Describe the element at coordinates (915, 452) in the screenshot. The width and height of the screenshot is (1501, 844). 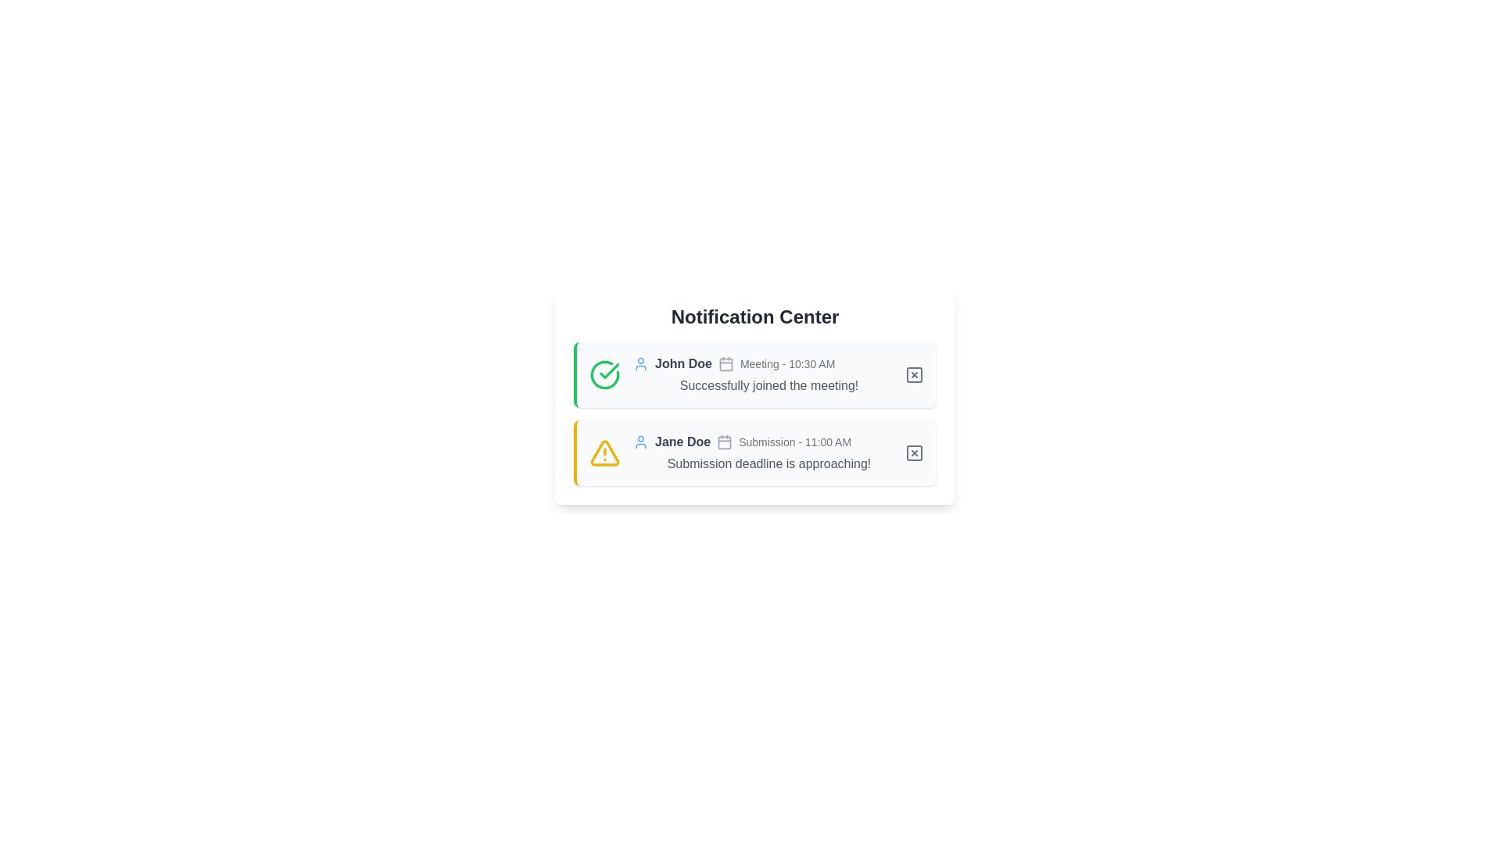
I see `the small rectangle with rounded corners inside the larger 'X' icon at the far-right end of the second notification entry` at that location.